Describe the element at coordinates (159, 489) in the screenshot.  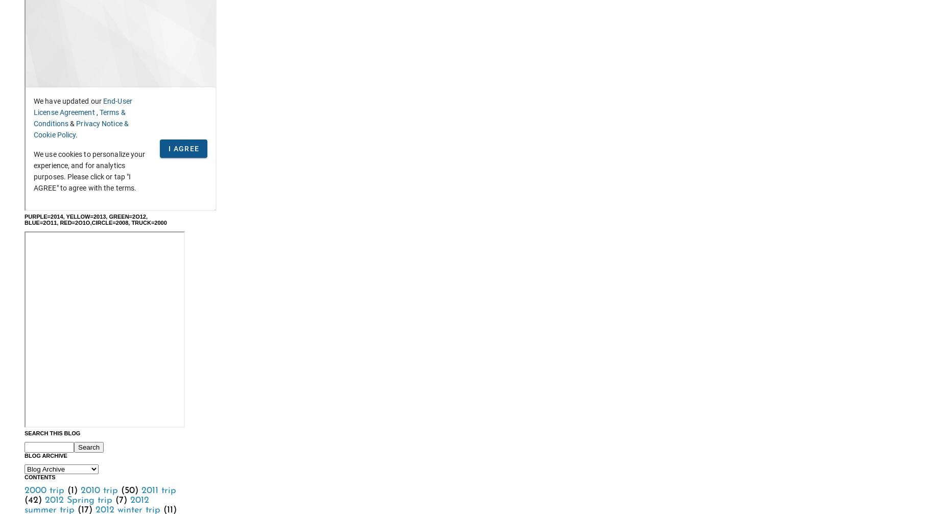
I see `'2011 trip'` at that location.